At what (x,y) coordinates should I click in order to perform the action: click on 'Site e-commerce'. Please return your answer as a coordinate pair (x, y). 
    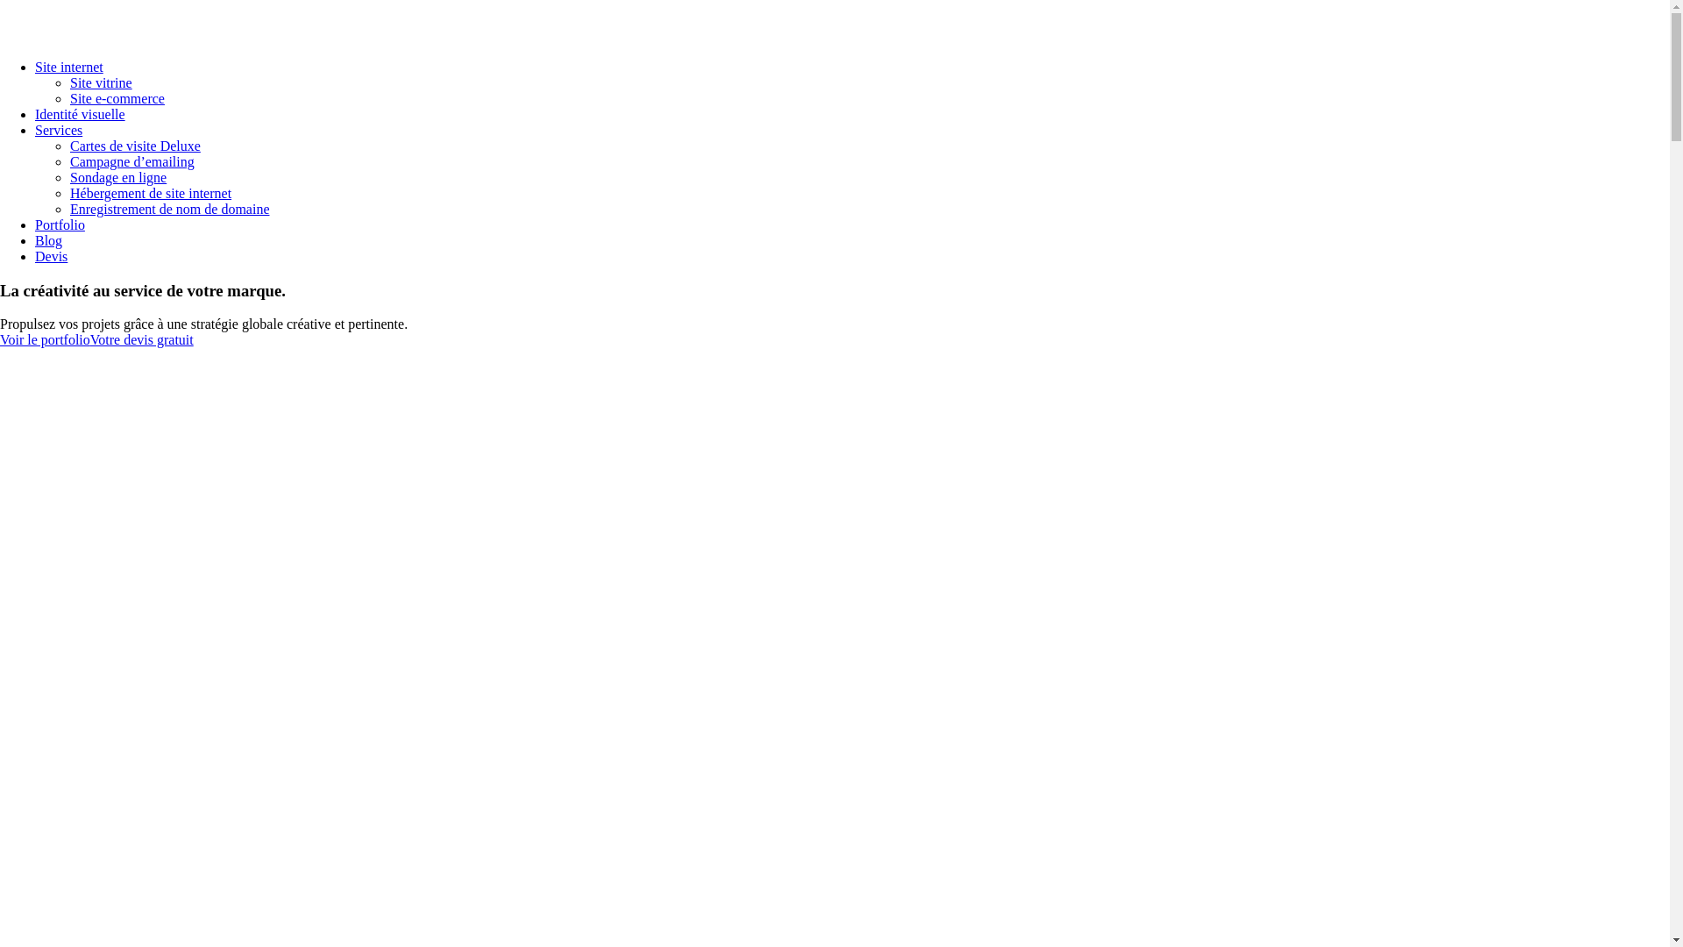
    Looking at the image, I should click on (117, 98).